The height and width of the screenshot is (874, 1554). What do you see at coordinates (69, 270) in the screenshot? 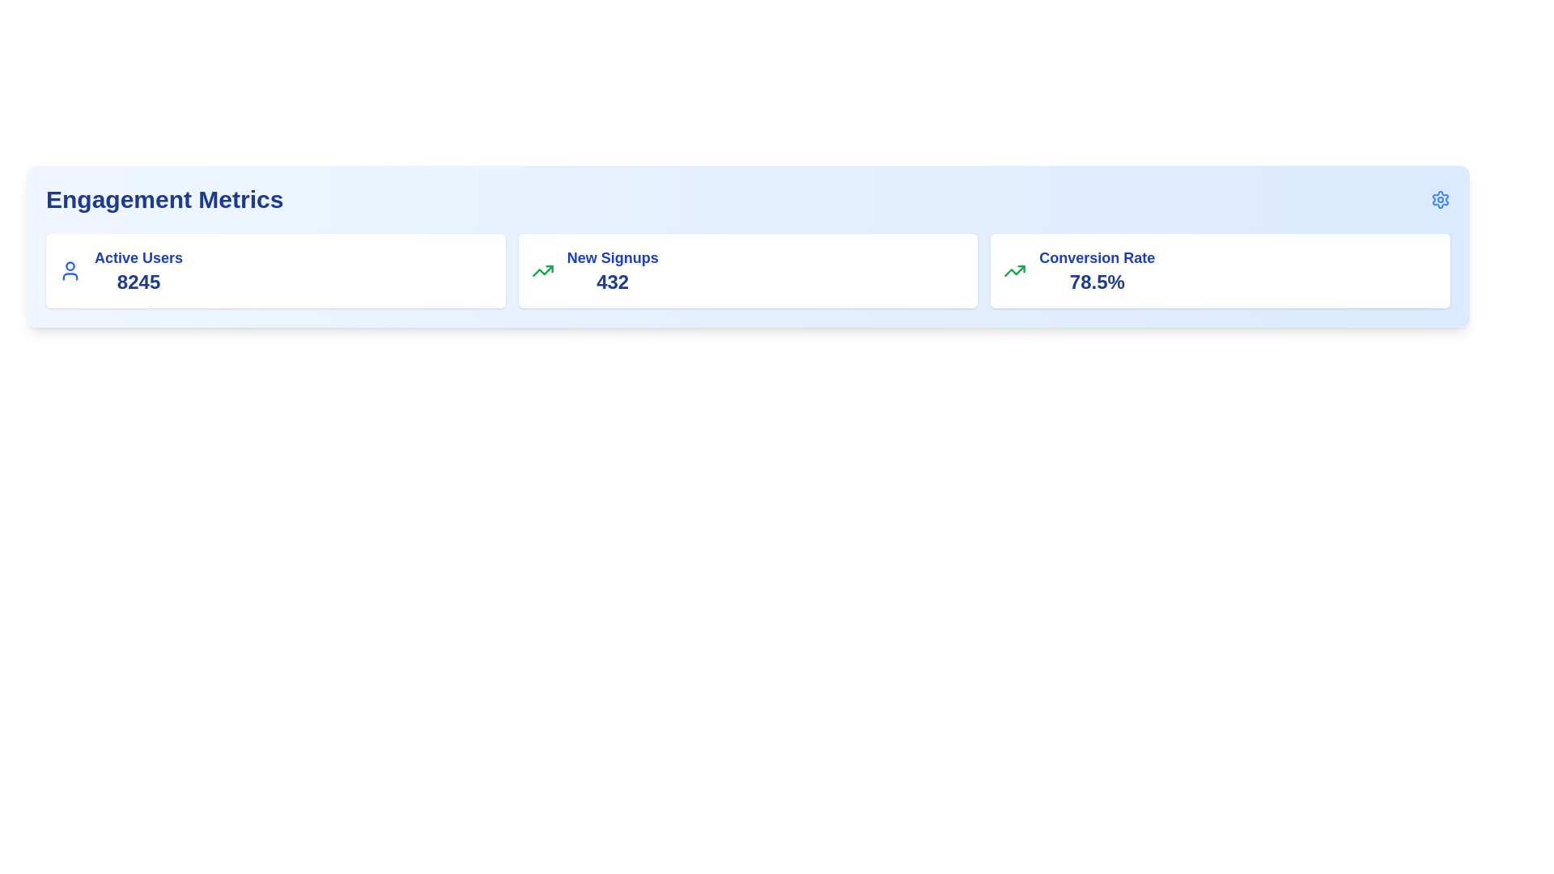
I see `the user silhouette icon, which is depicted in a blue stroke color and located on the leftmost side of the 'Active Users' card, next to the text 'Active Users'` at bounding box center [69, 270].